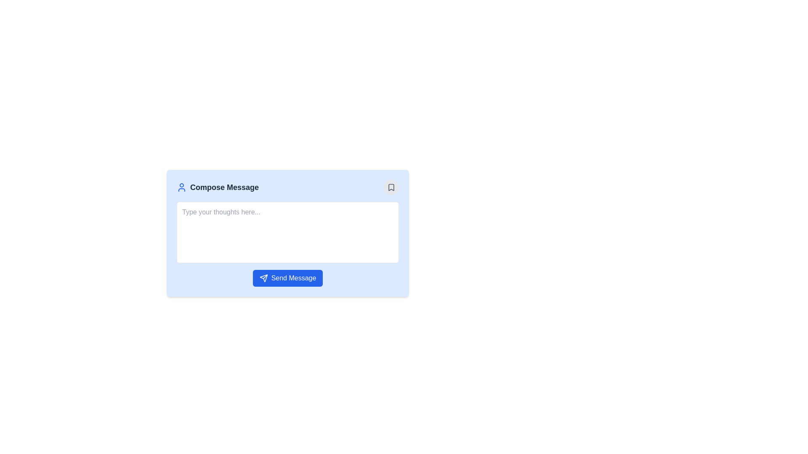  What do you see at coordinates (263, 278) in the screenshot?
I see `the triangular-shaped icon within the blue 'Send Message' button located below the text input field` at bounding box center [263, 278].